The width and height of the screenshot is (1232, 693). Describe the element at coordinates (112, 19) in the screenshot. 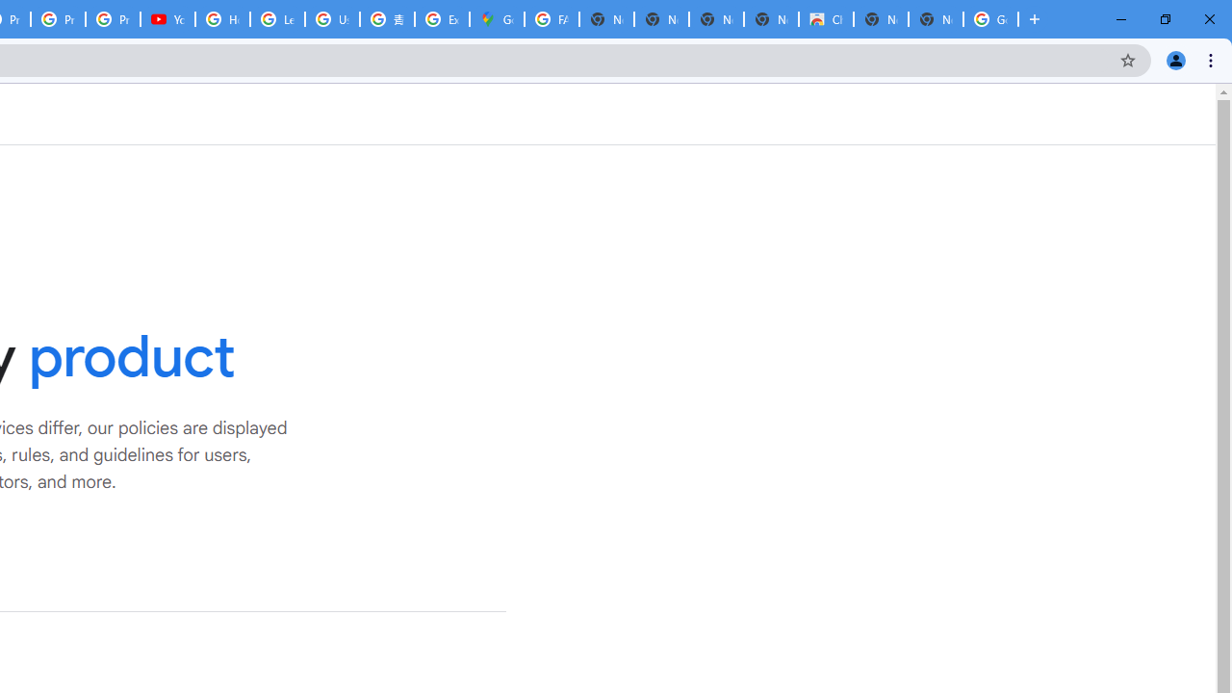

I see `'Privacy Checkup'` at that location.